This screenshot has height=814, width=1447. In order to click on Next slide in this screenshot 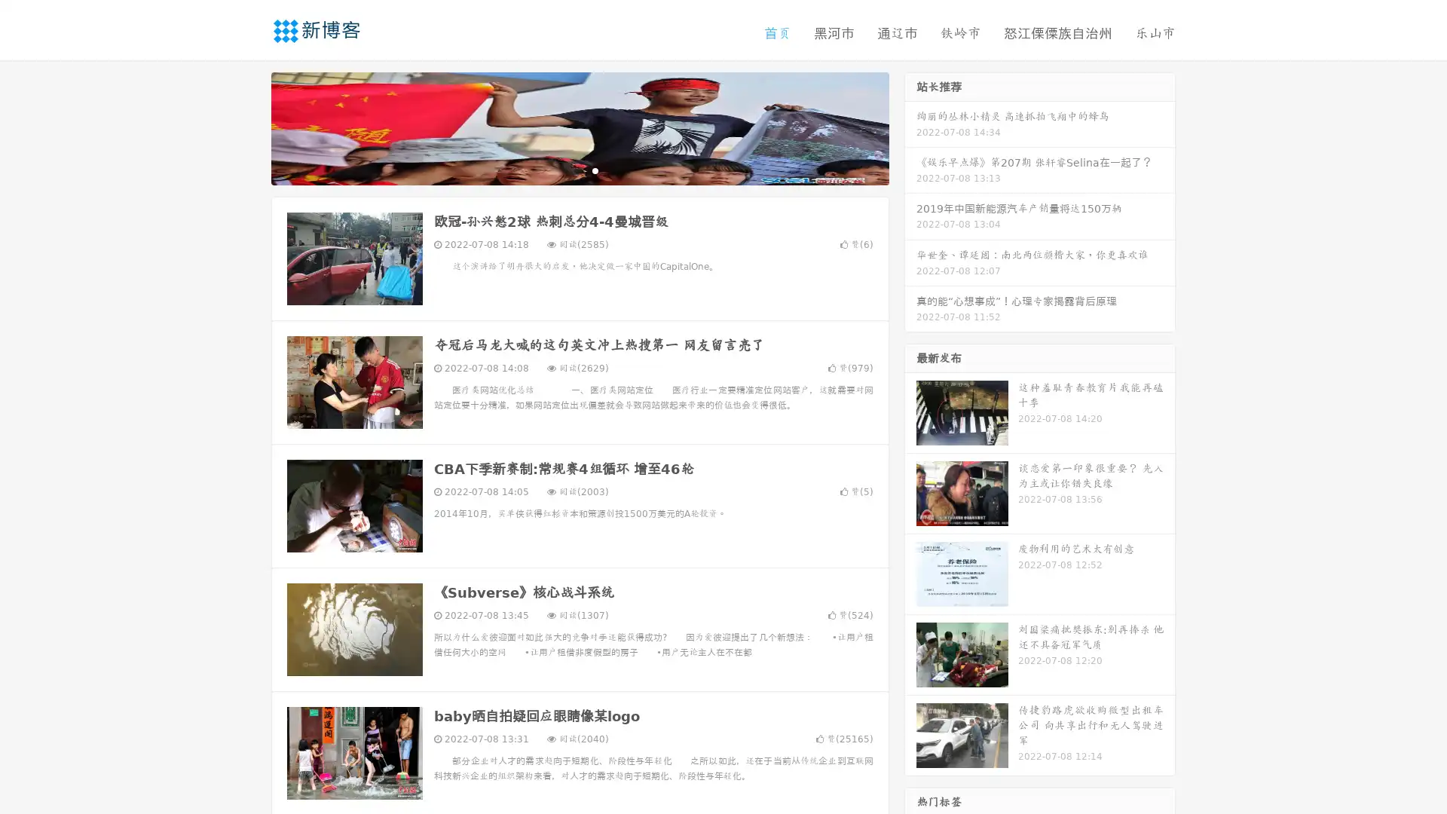, I will do `click(910, 127)`.